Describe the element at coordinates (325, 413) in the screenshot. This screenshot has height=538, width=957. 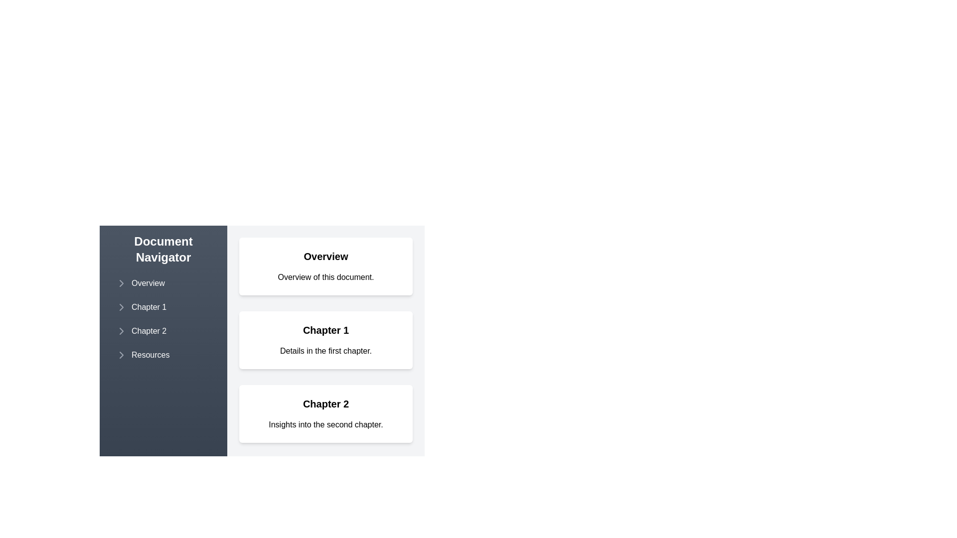
I see `the content summary card for Chapter 2, which is the third card in the vertical stack` at that location.